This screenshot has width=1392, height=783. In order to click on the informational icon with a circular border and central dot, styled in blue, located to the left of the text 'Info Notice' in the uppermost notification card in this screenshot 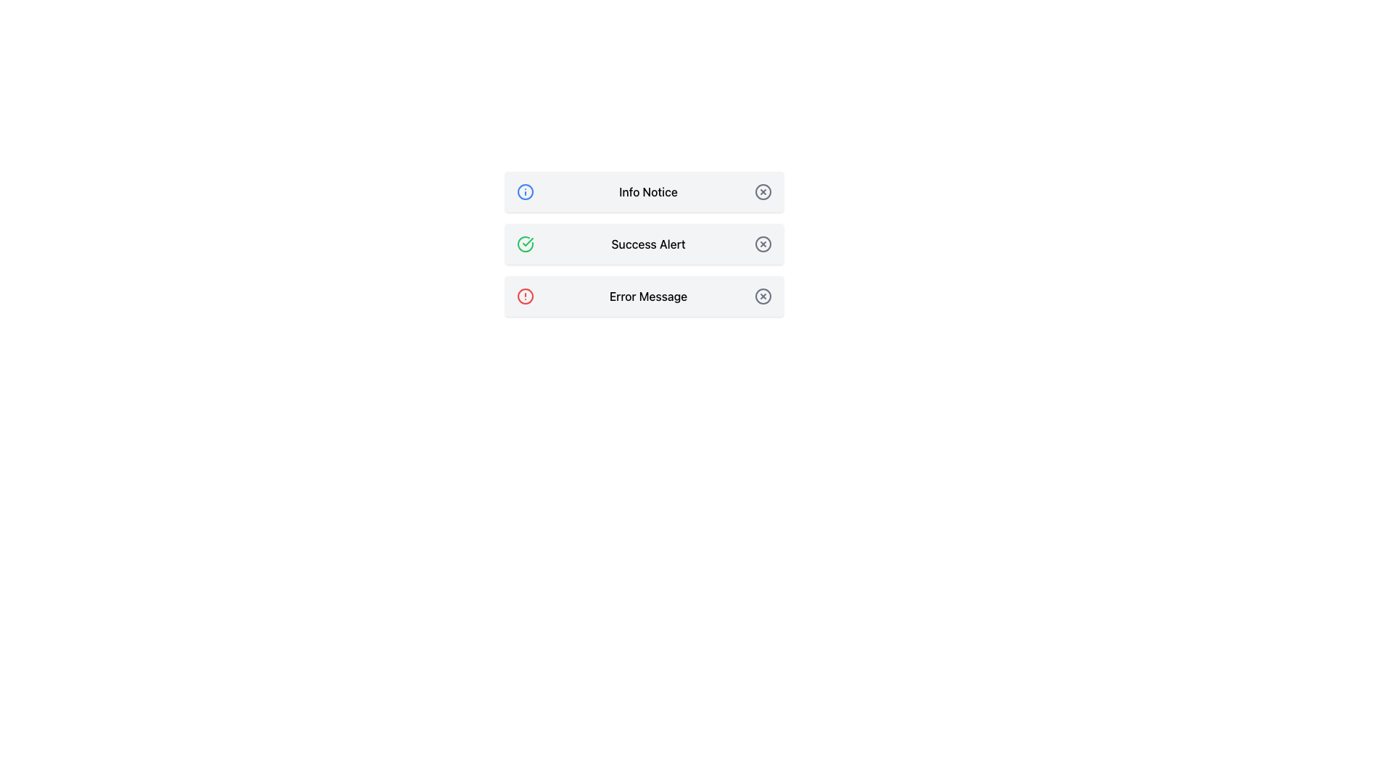, I will do `click(524, 191)`.